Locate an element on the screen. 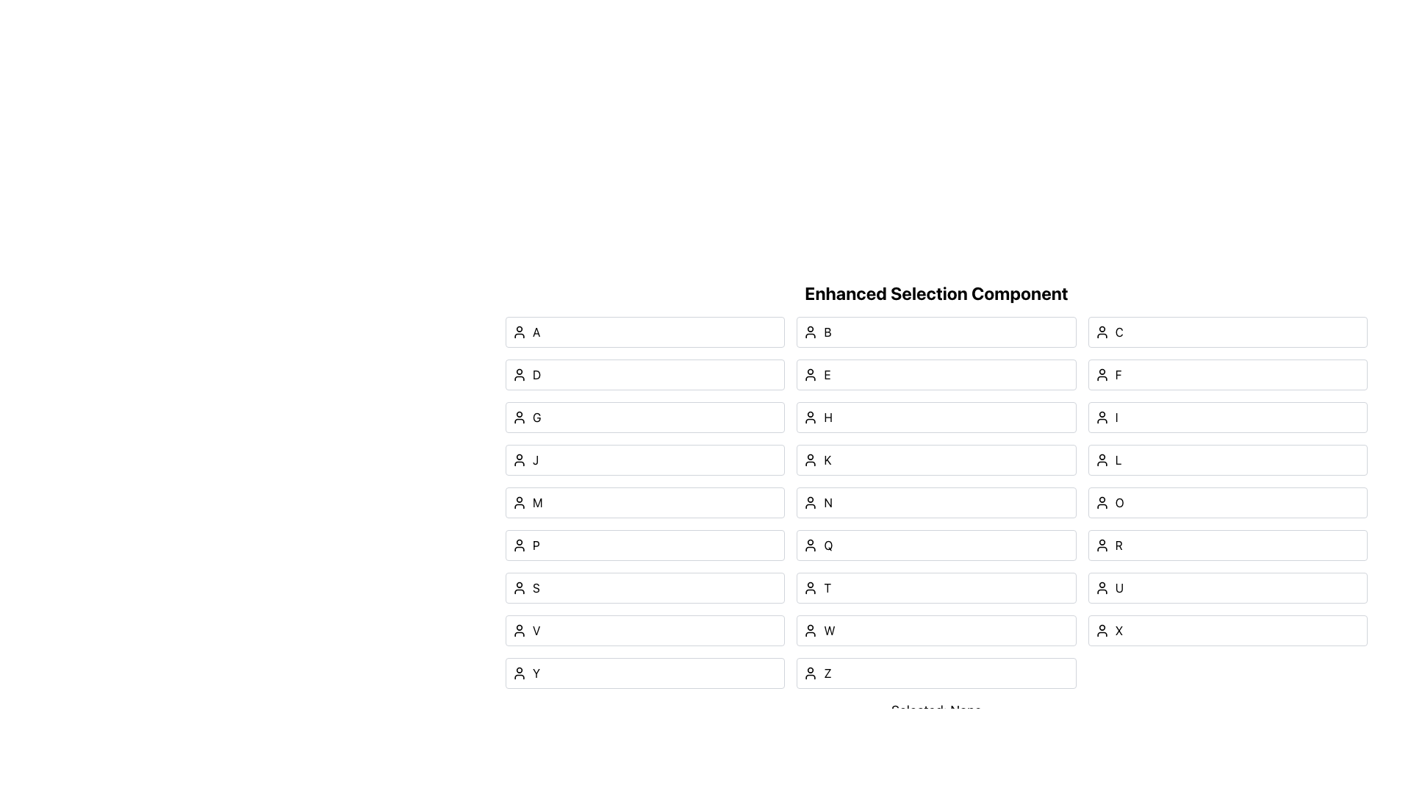 The width and height of the screenshot is (1411, 794). the button labeled 'B' is located at coordinates (935, 332).